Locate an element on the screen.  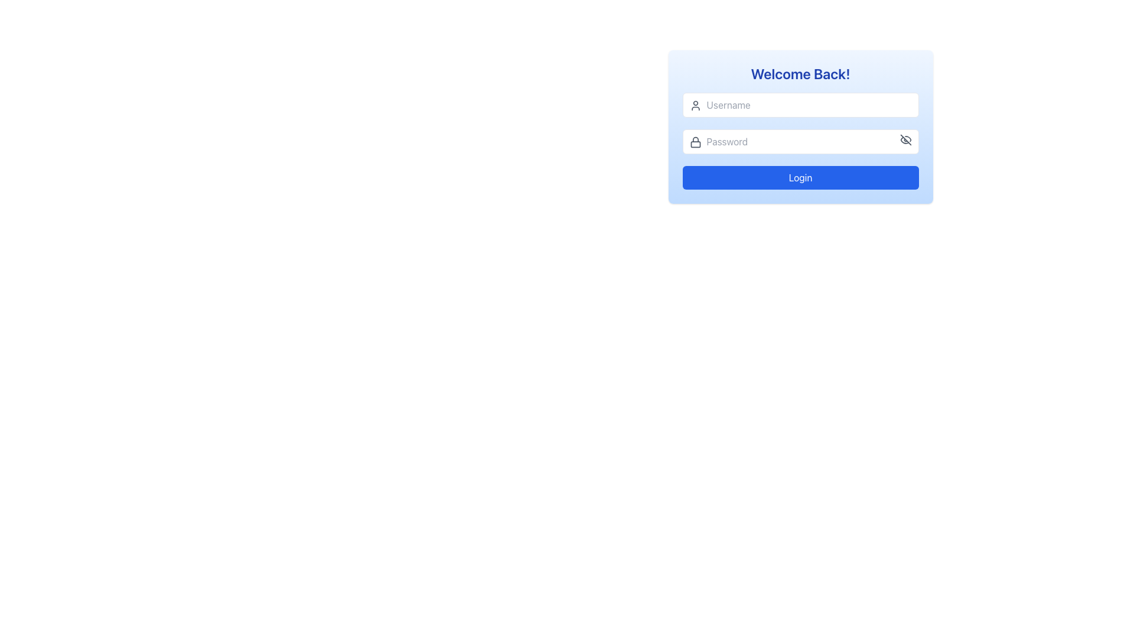
the password input field located in the middle of the login form, below the 'Username' field and above the 'Login' button is located at coordinates (800, 141).